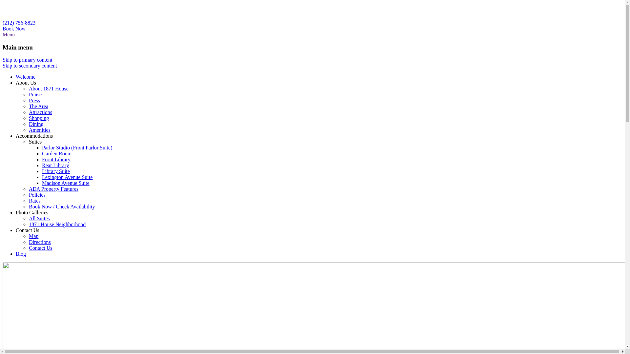  What do you see at coordinates (16, 253) in the screenshot?
I see `'Blog'` at bounding box center [16, 253].